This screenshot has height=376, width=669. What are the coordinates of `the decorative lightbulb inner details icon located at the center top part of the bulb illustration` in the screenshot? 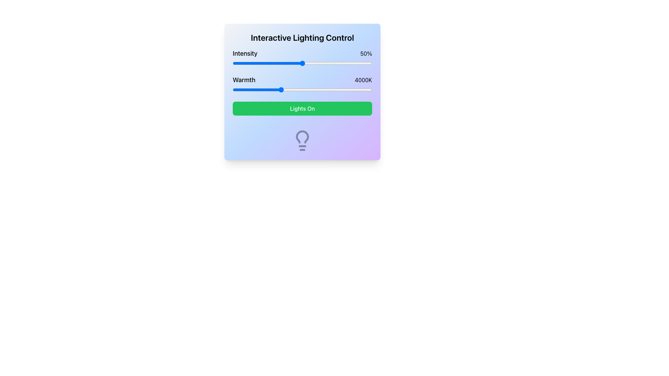 It's located at (302, 137).